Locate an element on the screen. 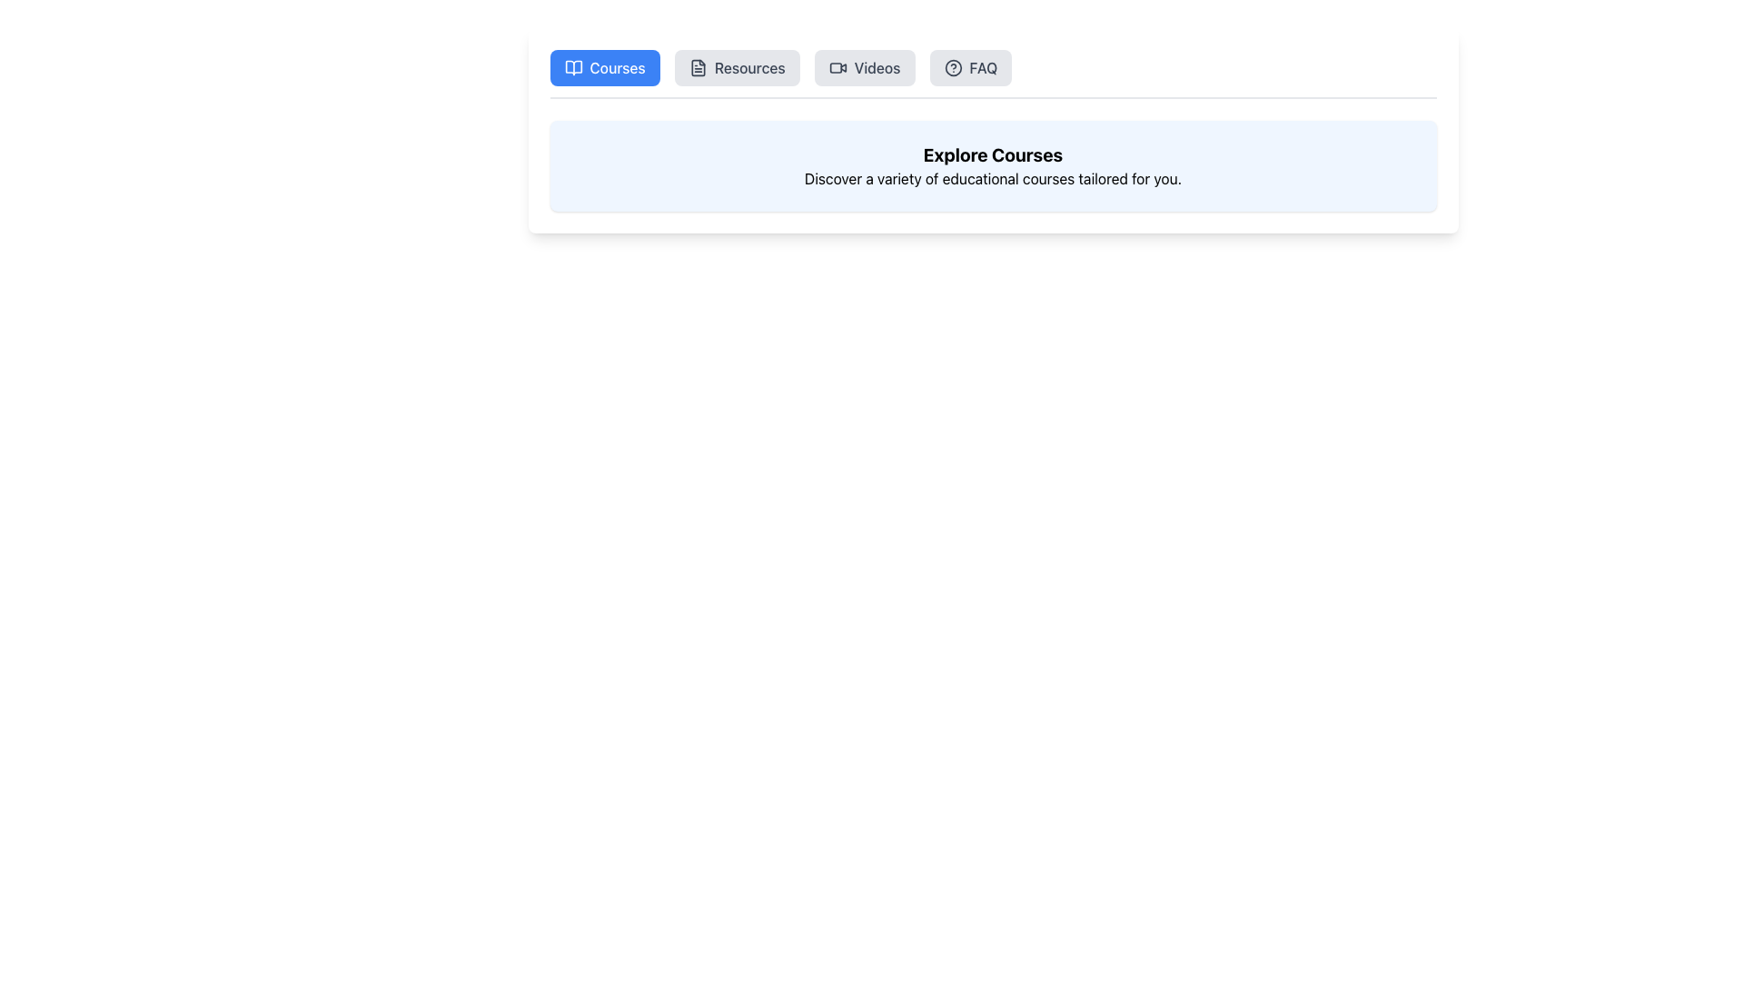 The image size is (1744, 981). the circular icon containing a question mark, which is styled in gray and located to the left of the 'FAQ' button is located at coordinates (952, 66).